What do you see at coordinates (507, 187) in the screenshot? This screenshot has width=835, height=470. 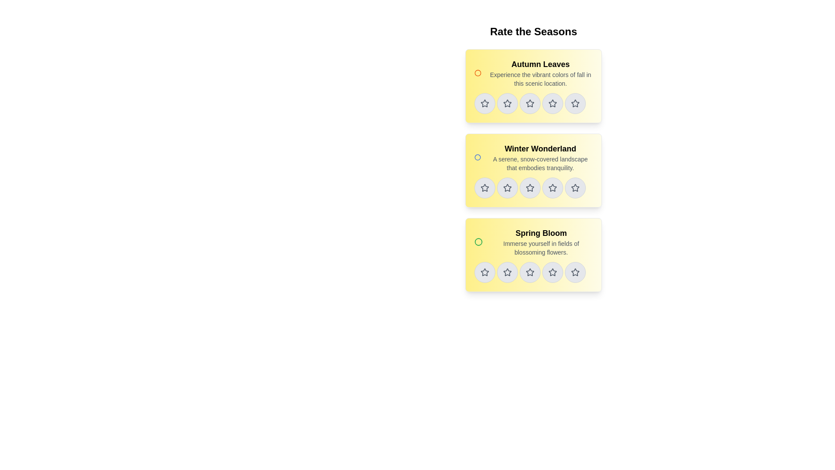 I see `the fourth star icon in the row of five rating icons in the 'Winter Wonderland' section` at bounding box center [507, 187].